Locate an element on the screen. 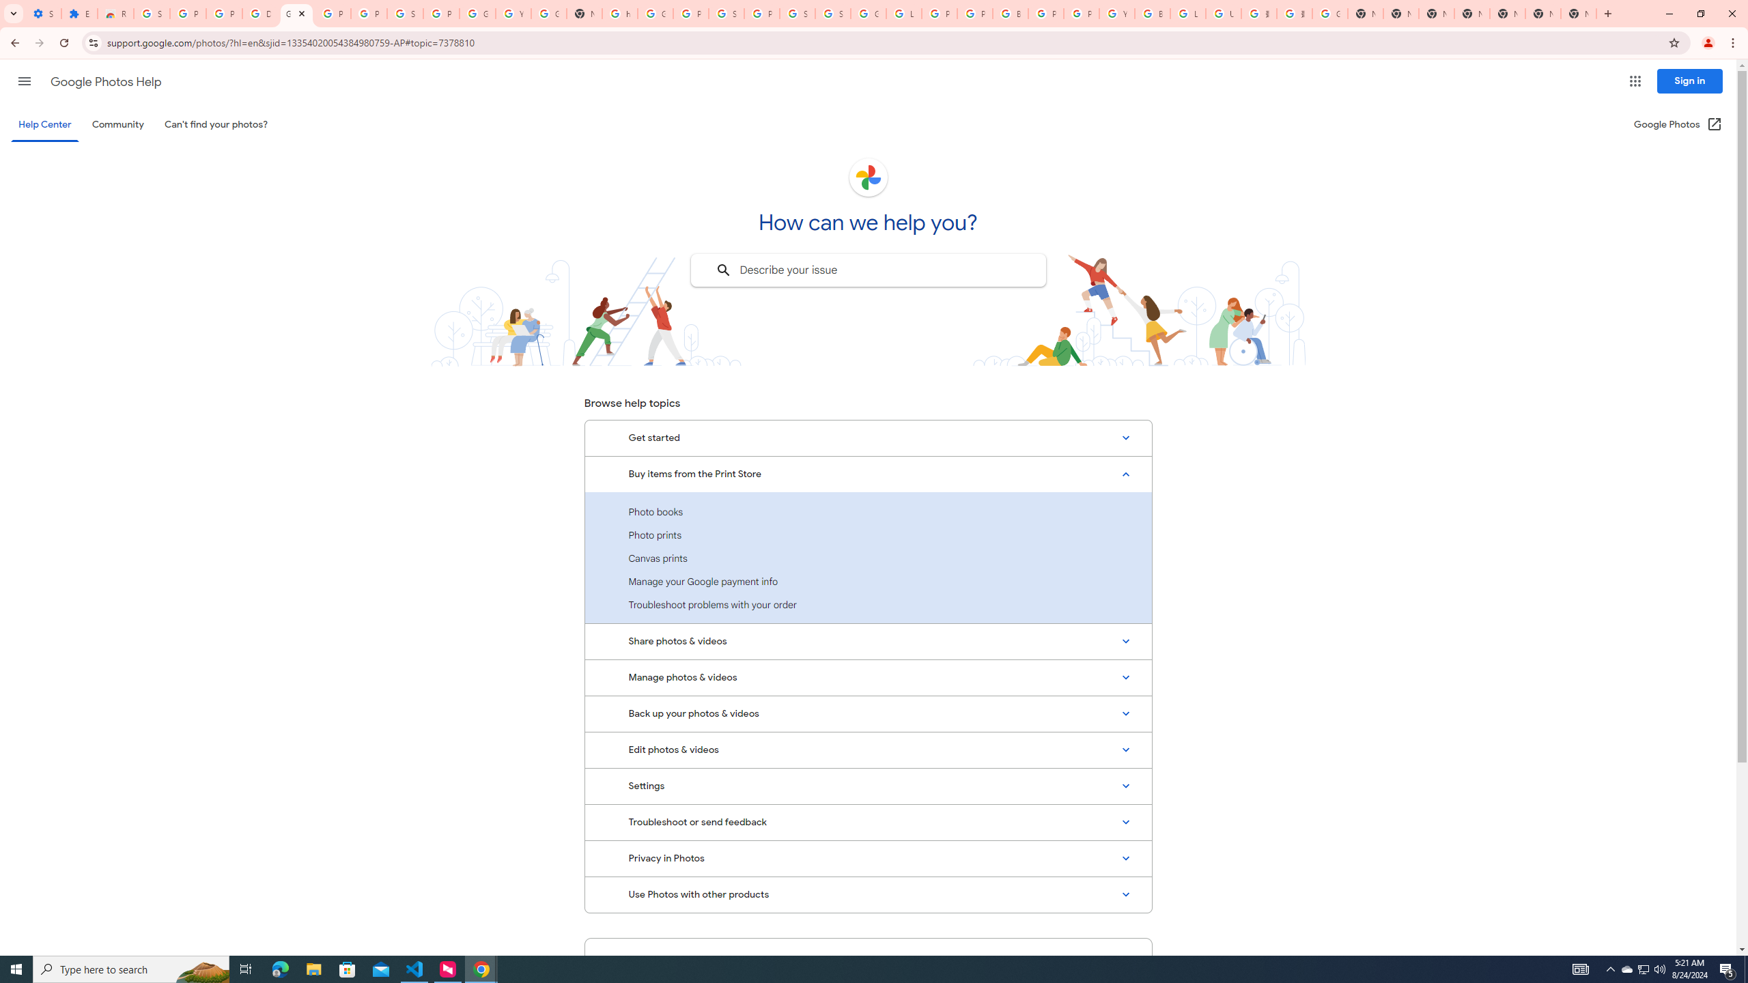  'Manage photos & videos' is located at coordinates (868, 677).